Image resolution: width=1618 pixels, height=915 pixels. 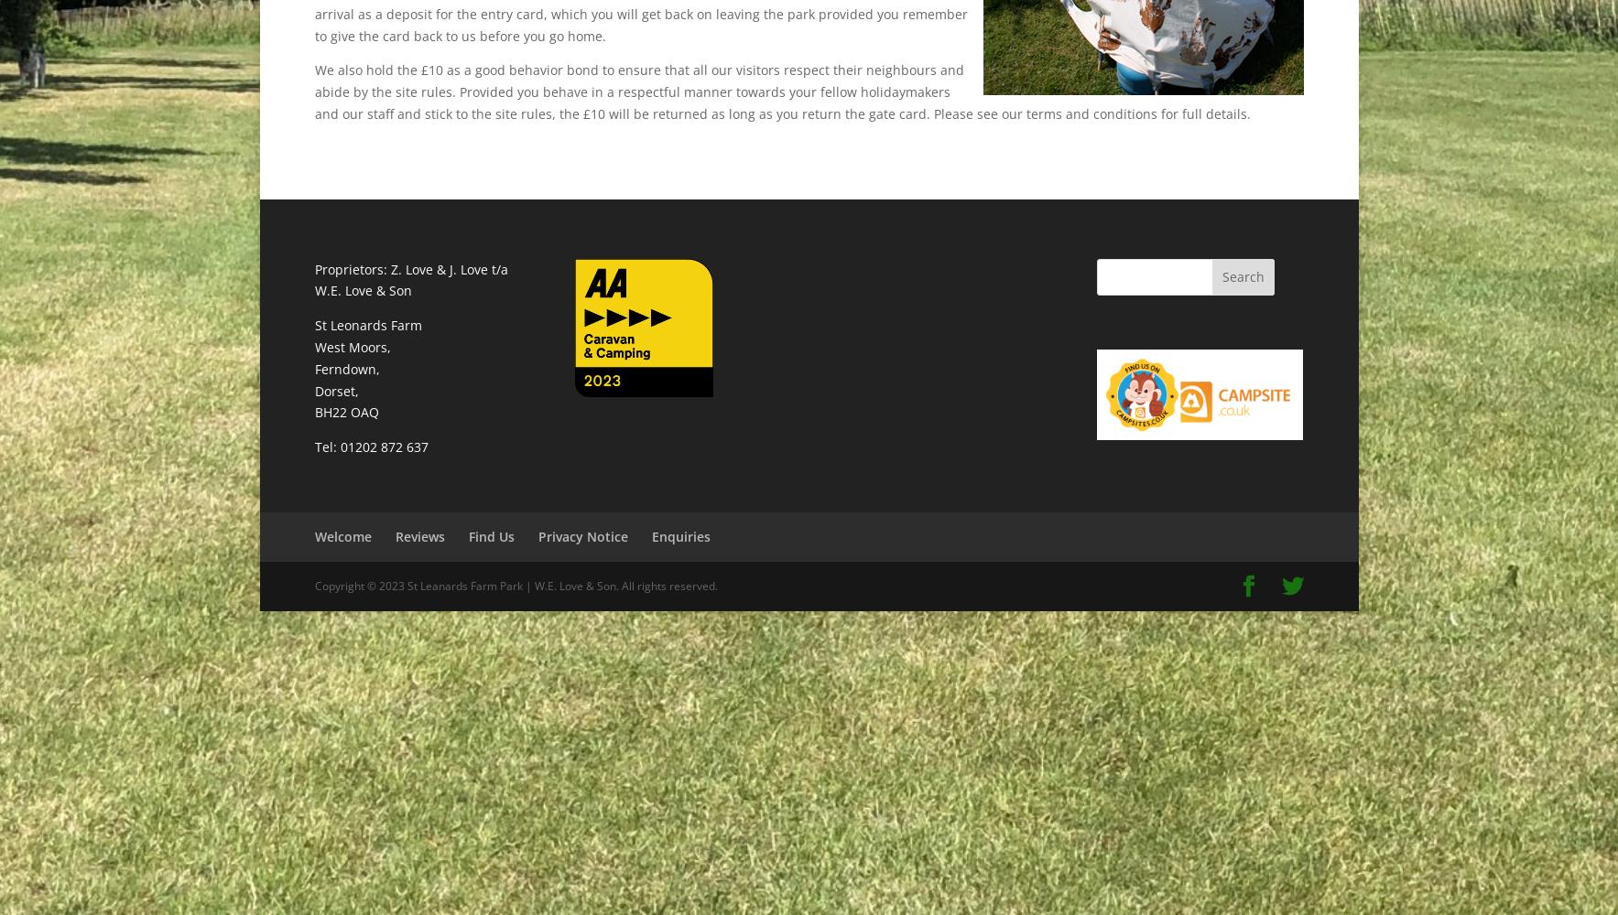 What do you see at coordinates (650, 535) in the screenshot?
I see `'Enquiries'` at bounding box center [650, 535].